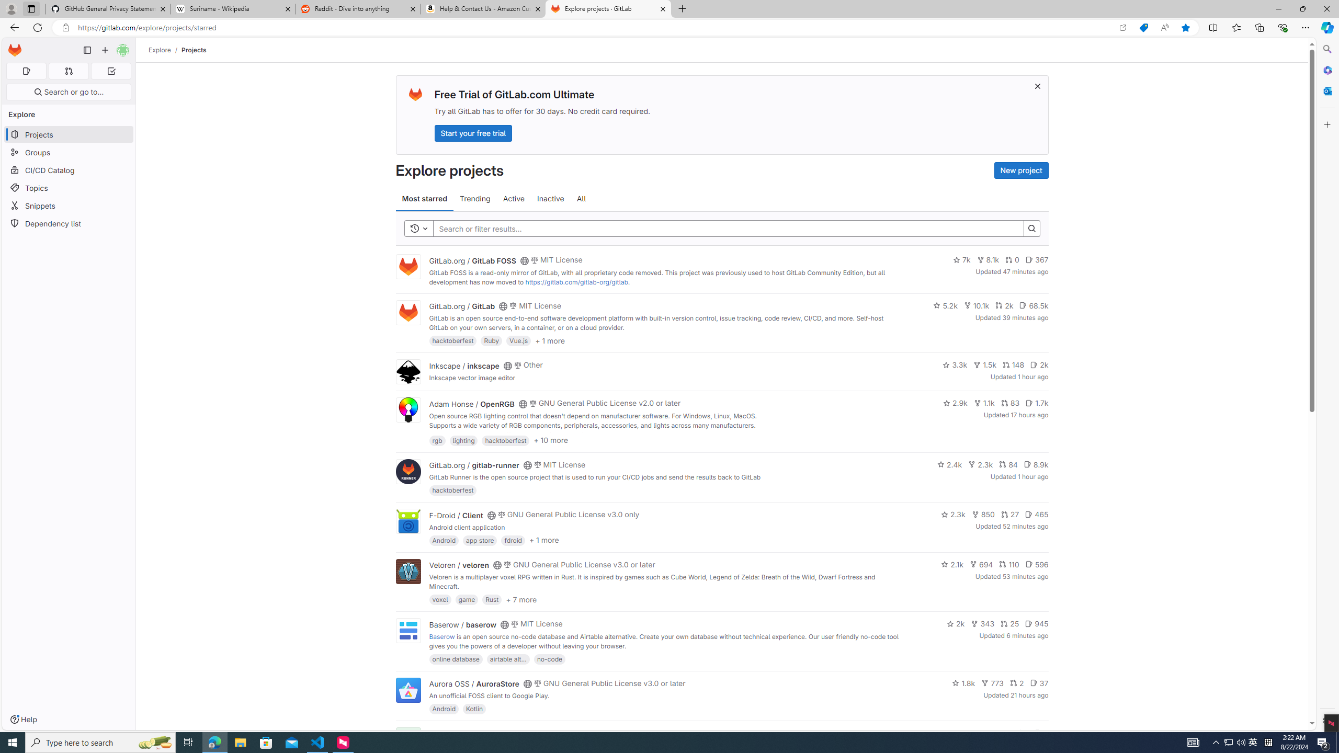 Image resolution: width=1339 pixels, height=753 pixels. Describe the element at coordinates (1008, 463) in the screenshot. I see `'84'` at that location.